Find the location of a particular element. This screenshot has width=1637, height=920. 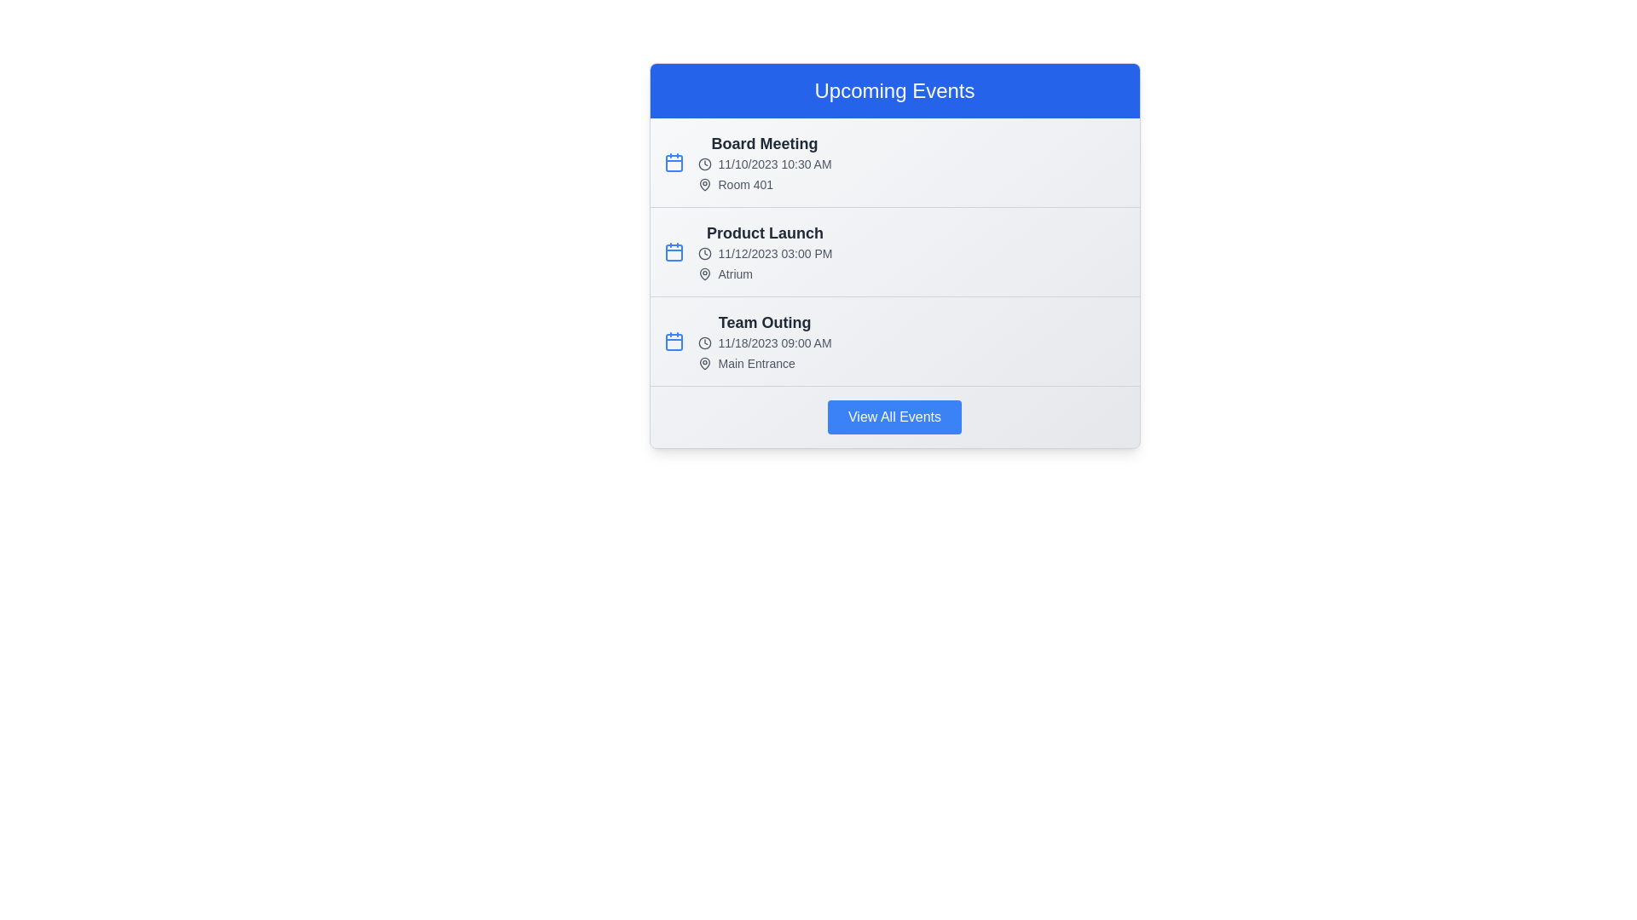

the location icon for the 'Team Outing' event, which is positioned at the bottom of the event card, below the event time details is located at coordinates (764, 363).